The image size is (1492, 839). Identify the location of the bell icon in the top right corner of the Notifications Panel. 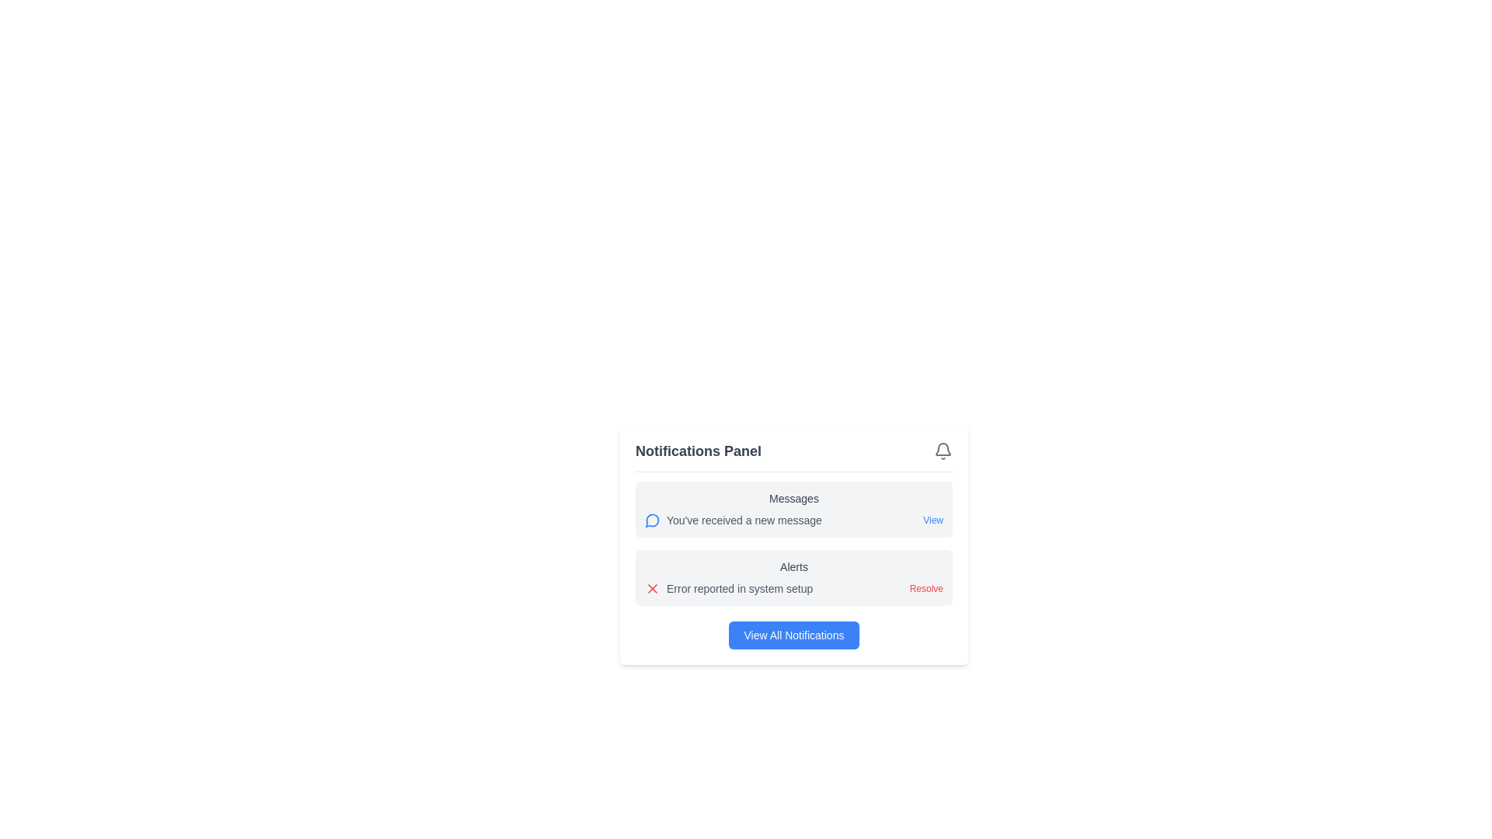
(943, 451).